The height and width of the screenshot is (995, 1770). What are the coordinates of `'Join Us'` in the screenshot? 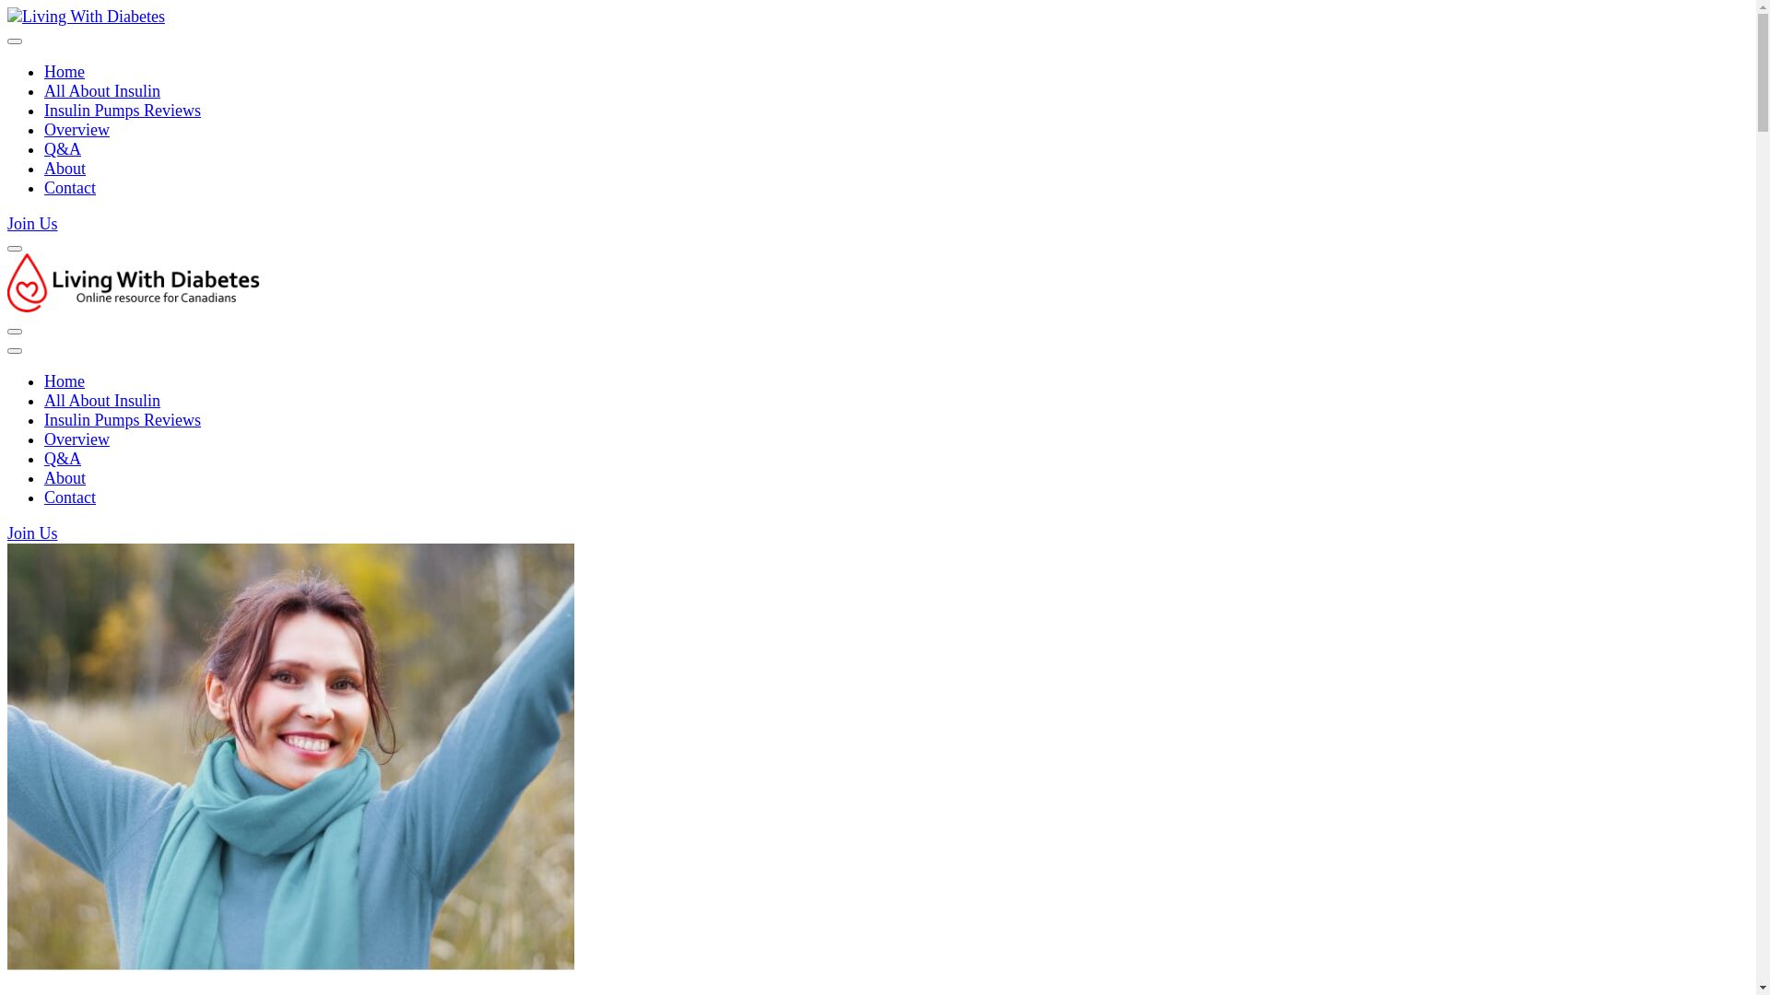 It's located at (32, 223).